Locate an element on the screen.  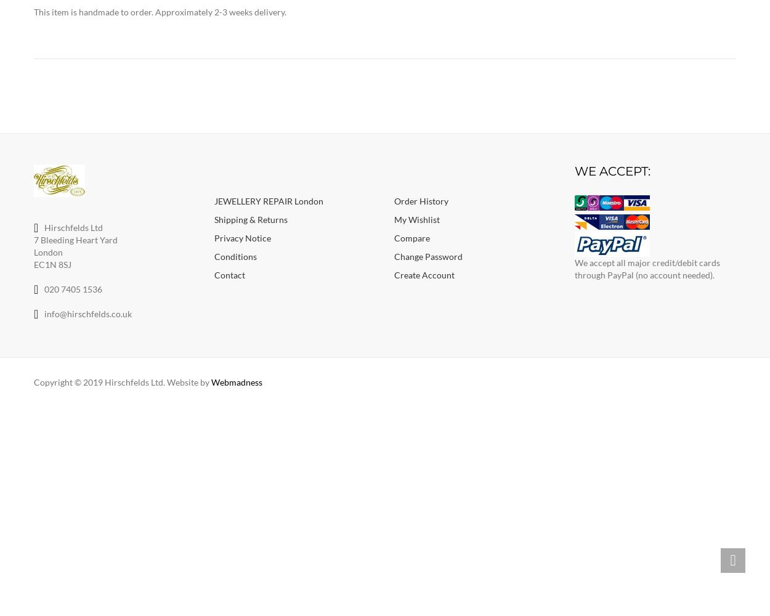
'London' is located at coordinates (47, 251).